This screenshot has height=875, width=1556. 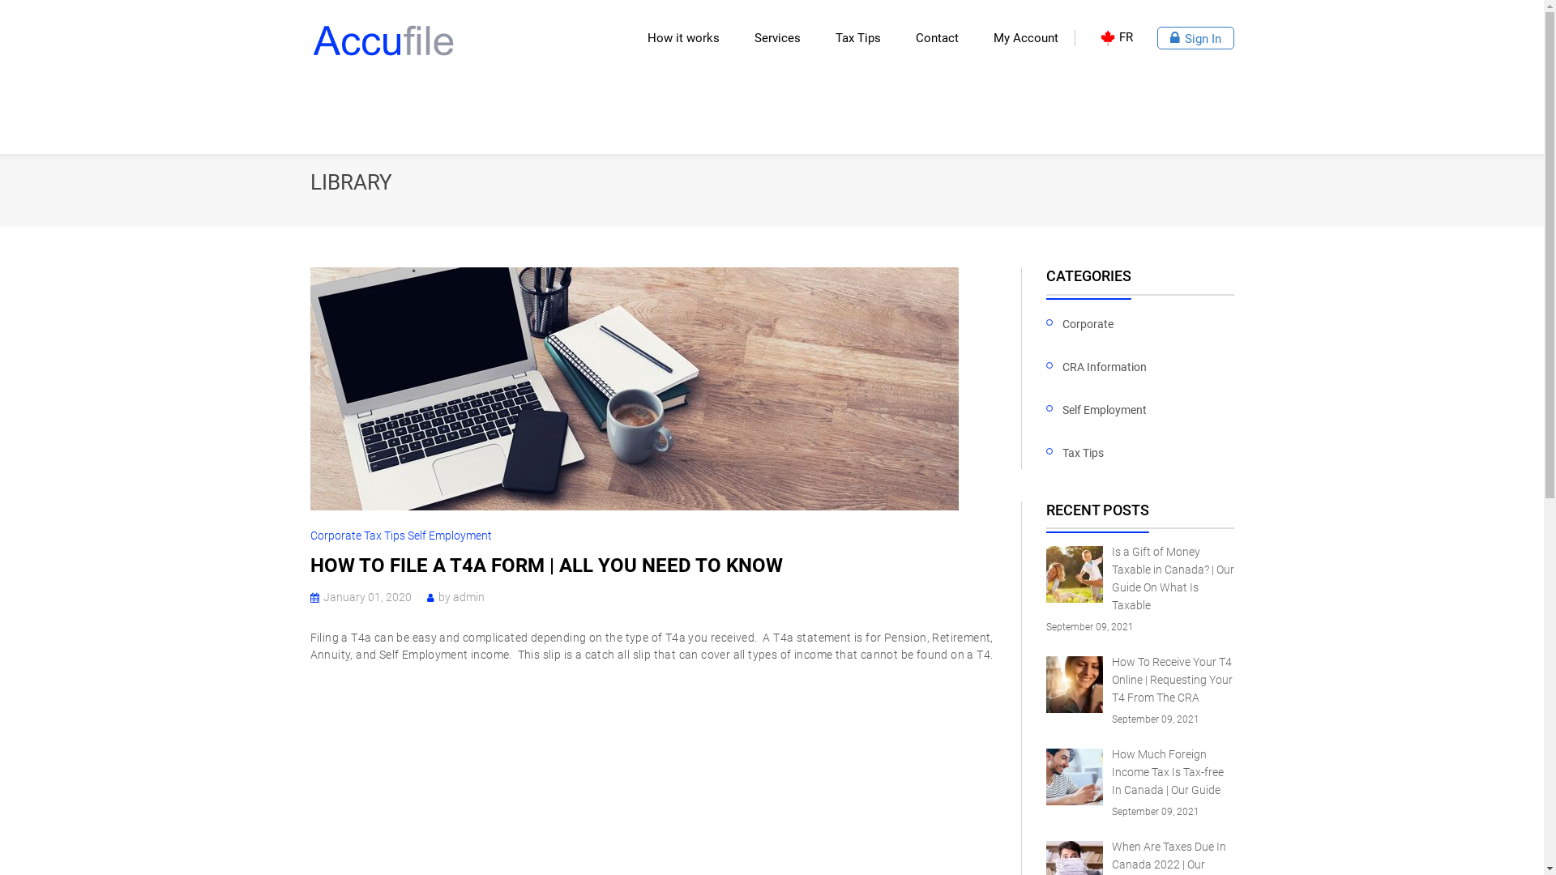 What do you see at coordinates (1104, 368) in the screenshot?
I see `'CRA Information'` at bounding box center [1104, 368].